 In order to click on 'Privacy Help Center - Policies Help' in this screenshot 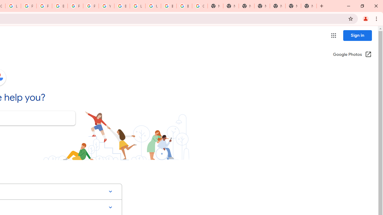, I will do `click(44, 6)`.